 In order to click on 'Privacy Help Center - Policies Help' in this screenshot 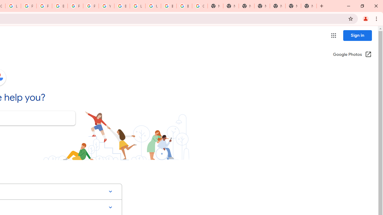, I will do `click(44, 6)`.